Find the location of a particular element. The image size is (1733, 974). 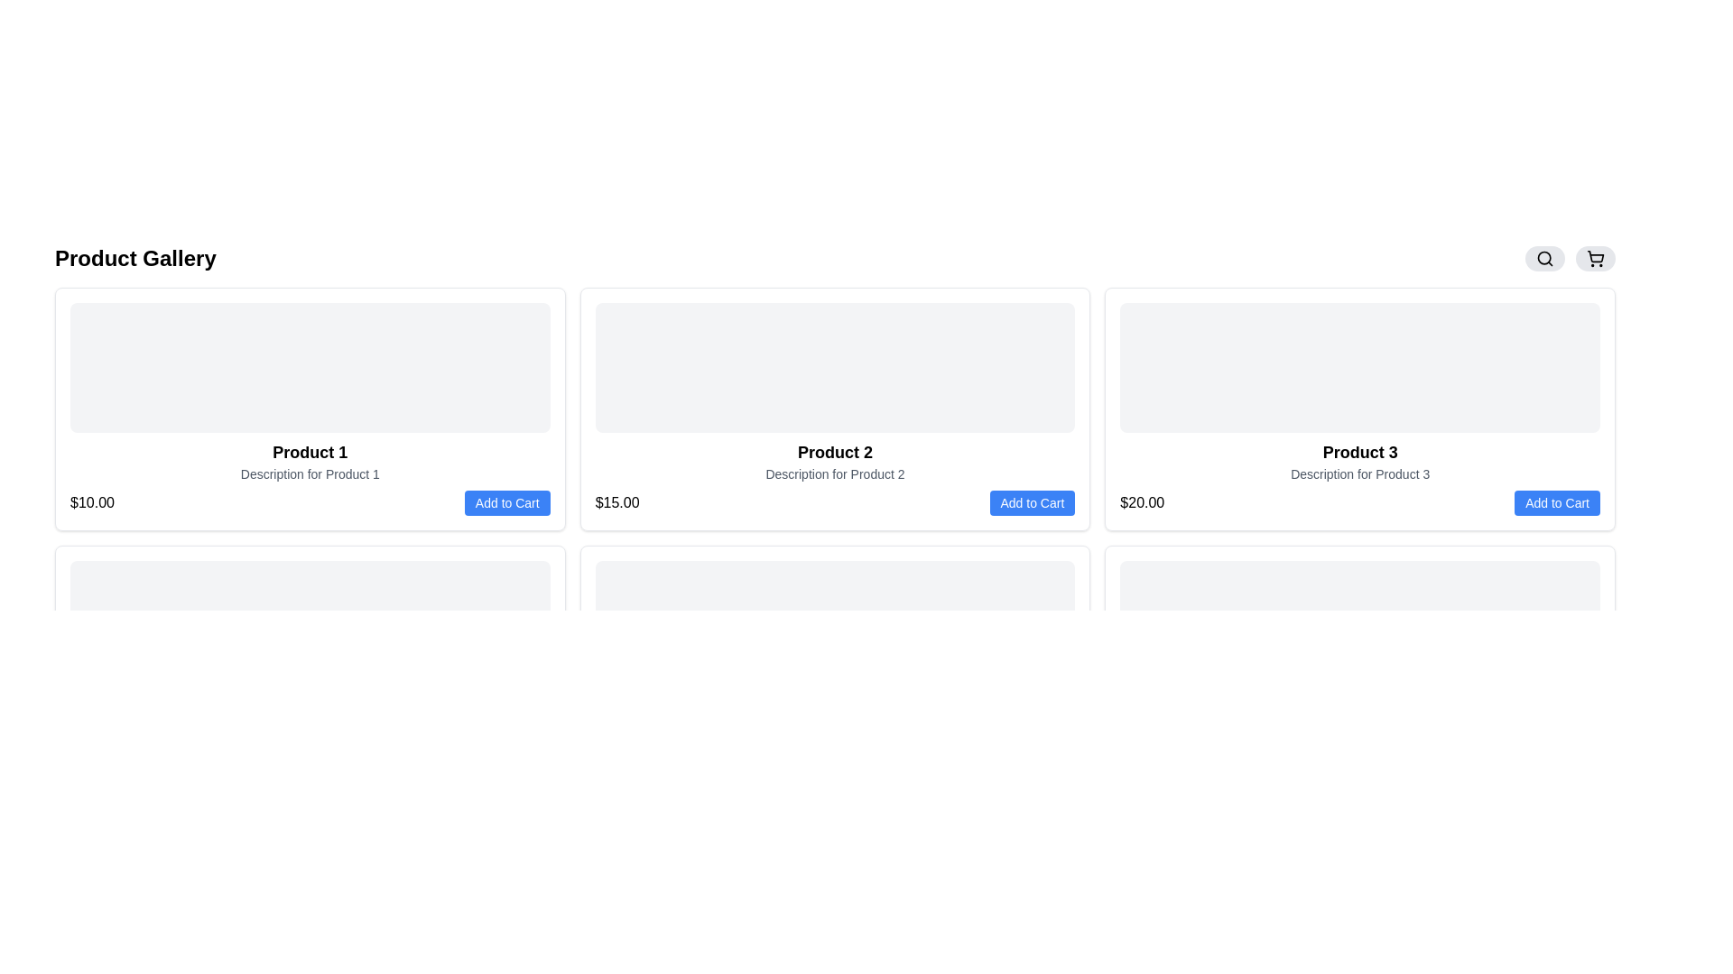

the 'Product 3' card from its current position for rearrangement in the grid layout is located at coordinates (1360, 409).